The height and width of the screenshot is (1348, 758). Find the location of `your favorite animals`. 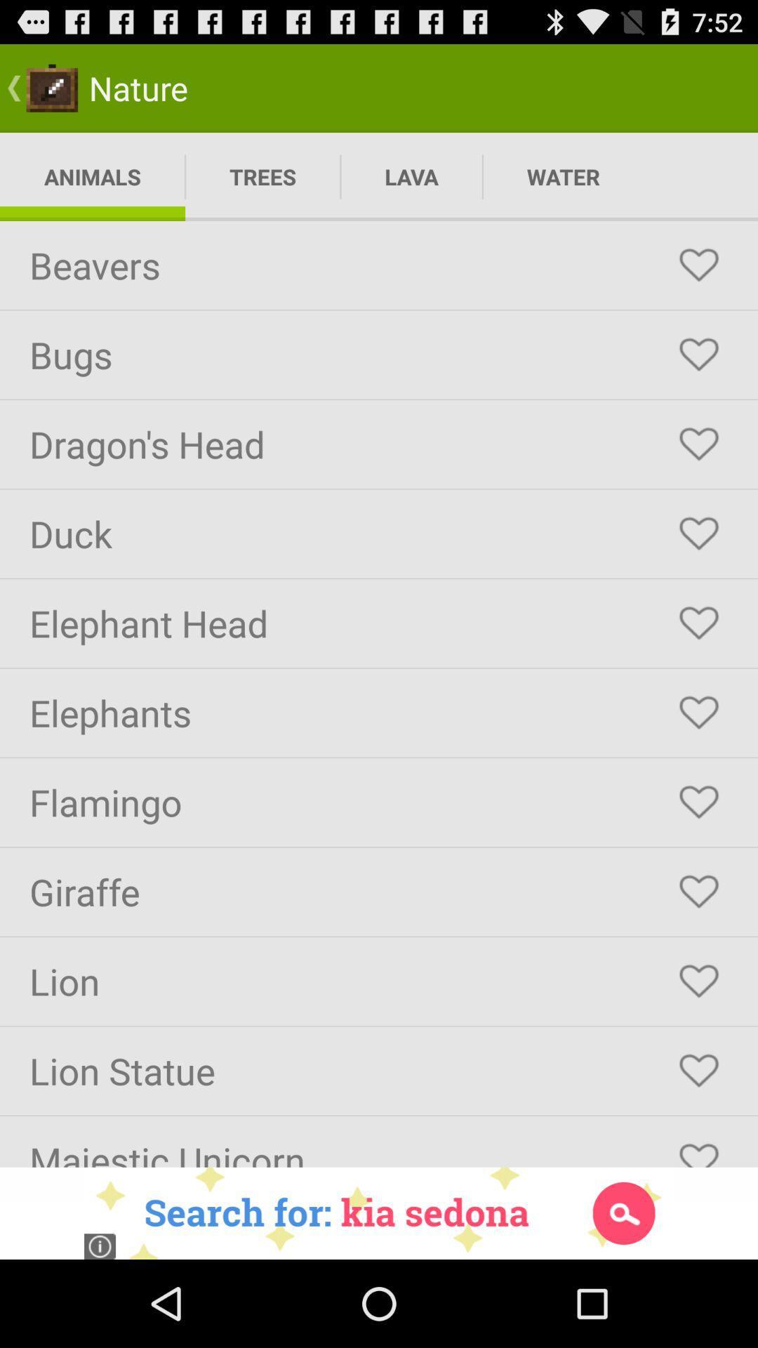

your favorite animals is located at coordinates (698, 713).